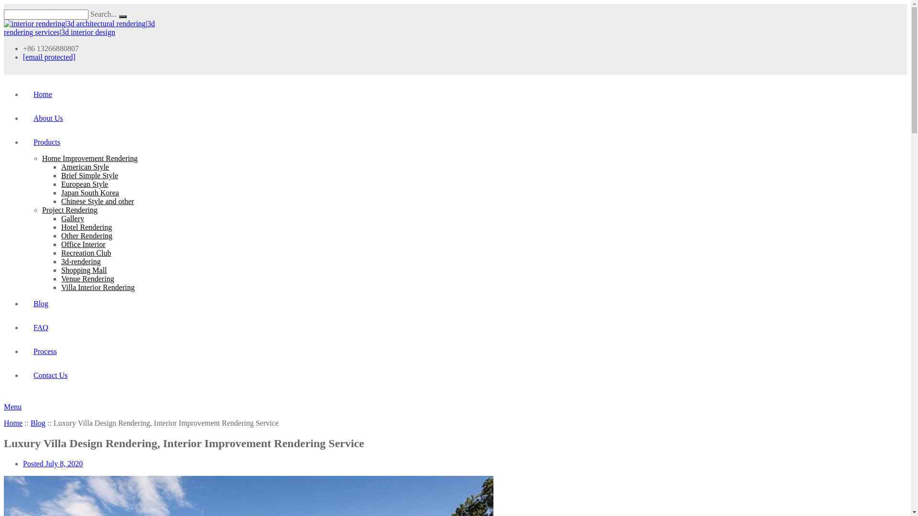 This screenshot has width=918, height=516. Describe the element at coordinates (84, 270) in the screenshot. I see `'Shopping Mall'` at that location.